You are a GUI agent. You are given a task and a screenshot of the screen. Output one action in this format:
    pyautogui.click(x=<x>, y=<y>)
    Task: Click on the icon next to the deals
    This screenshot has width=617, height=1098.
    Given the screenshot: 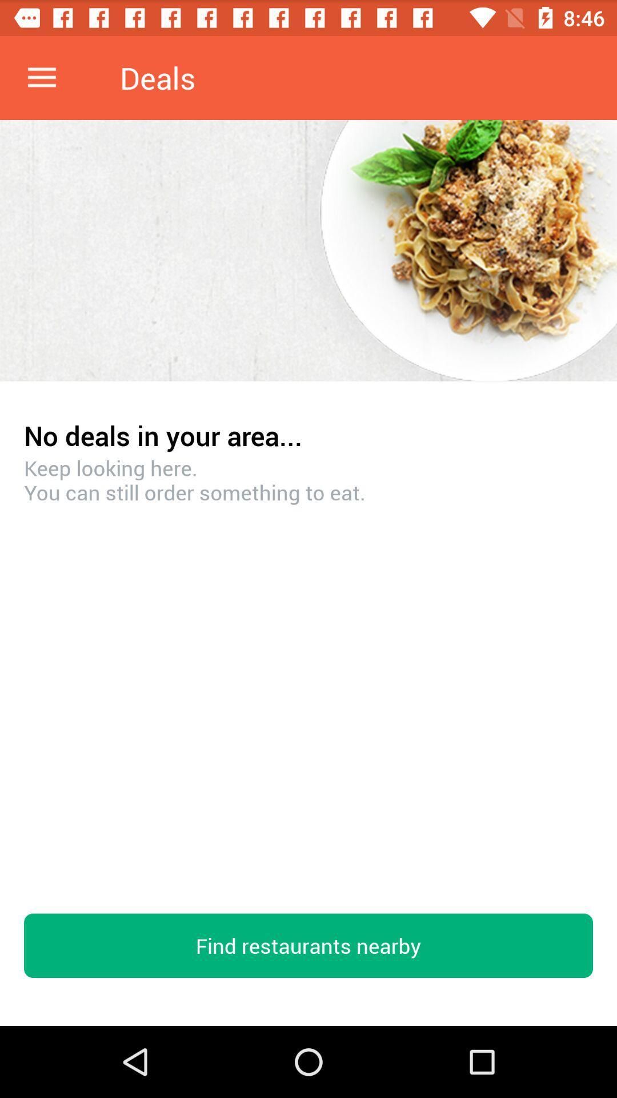 What is the action you would take?
    pyautogui.click(x=41, y=77)
    